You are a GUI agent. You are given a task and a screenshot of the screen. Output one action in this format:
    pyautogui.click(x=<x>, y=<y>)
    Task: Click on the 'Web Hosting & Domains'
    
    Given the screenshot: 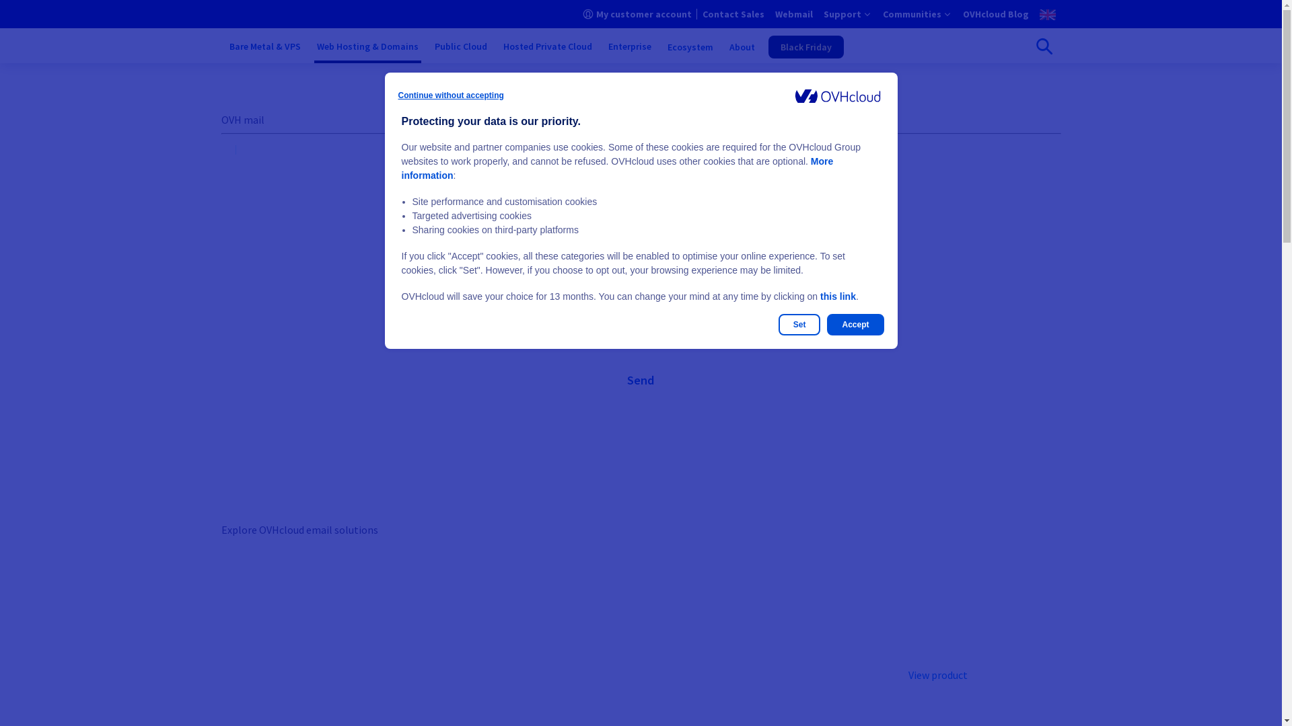 What is the action you would take?
    pyautogui.click(x=367, y=46)
    